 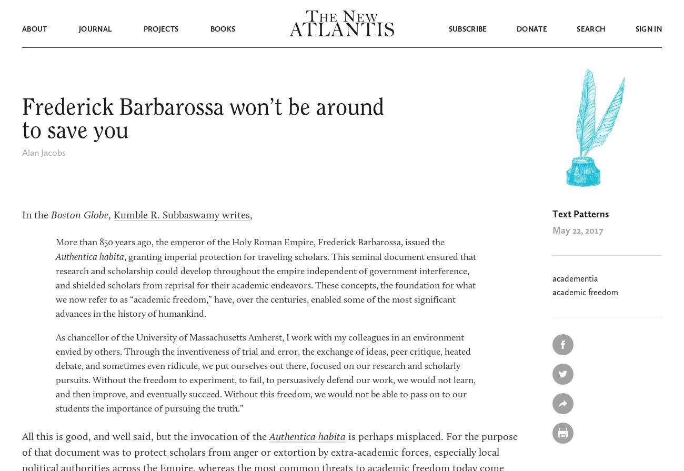 What do you see at coordinates (585, 292) in the screenshot?
I see `'academic freedom'` at bounding box center [585, 292].